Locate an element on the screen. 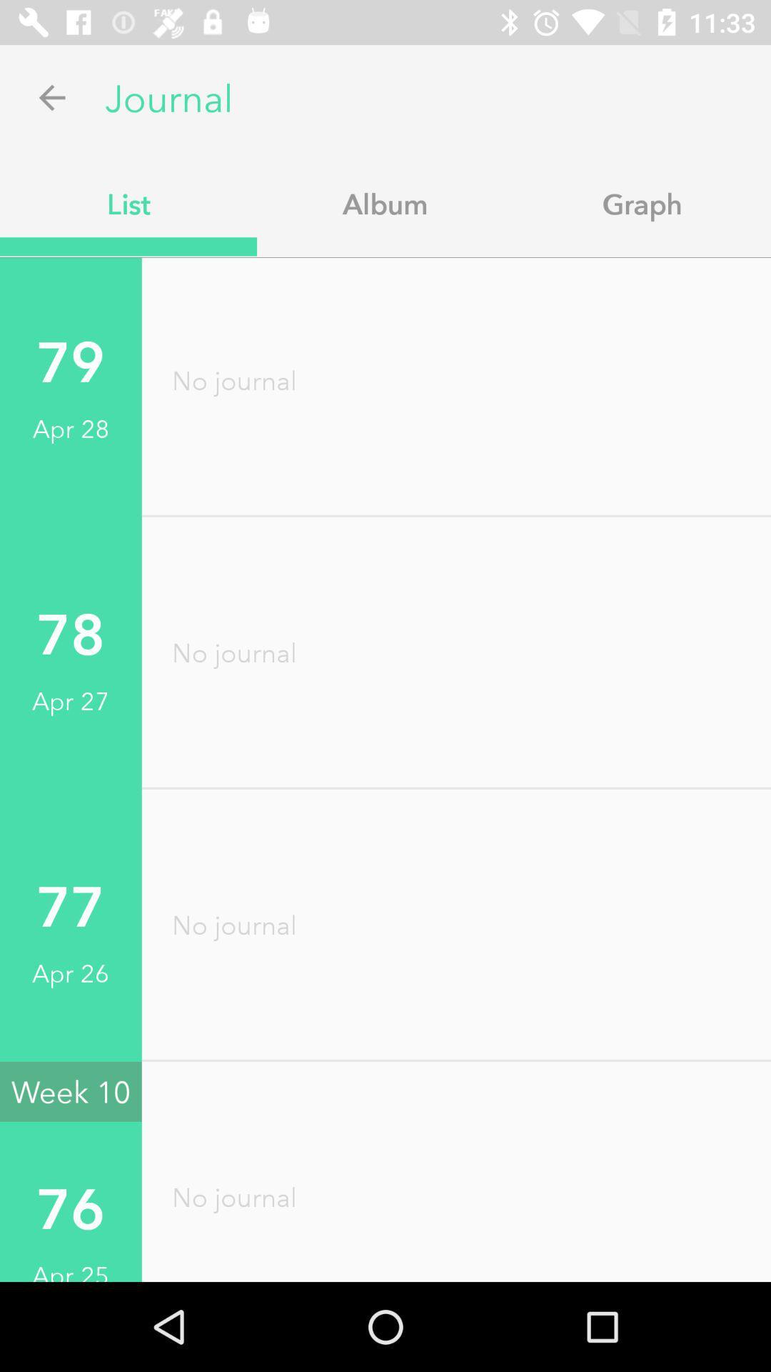 Image resolution: width=771 pixels, height=1372 pixels. item next to the album item is located at coordinates (641, 203).